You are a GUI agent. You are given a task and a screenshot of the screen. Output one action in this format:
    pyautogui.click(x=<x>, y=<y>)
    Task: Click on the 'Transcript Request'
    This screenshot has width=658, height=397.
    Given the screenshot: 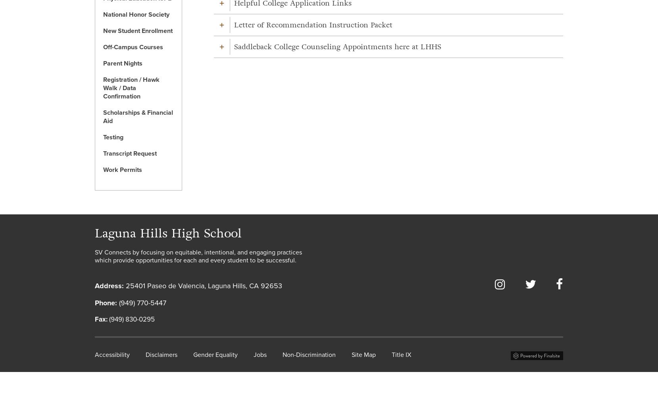 What is the action you would take?
    pyautogui.click(x=129, y=153)
    